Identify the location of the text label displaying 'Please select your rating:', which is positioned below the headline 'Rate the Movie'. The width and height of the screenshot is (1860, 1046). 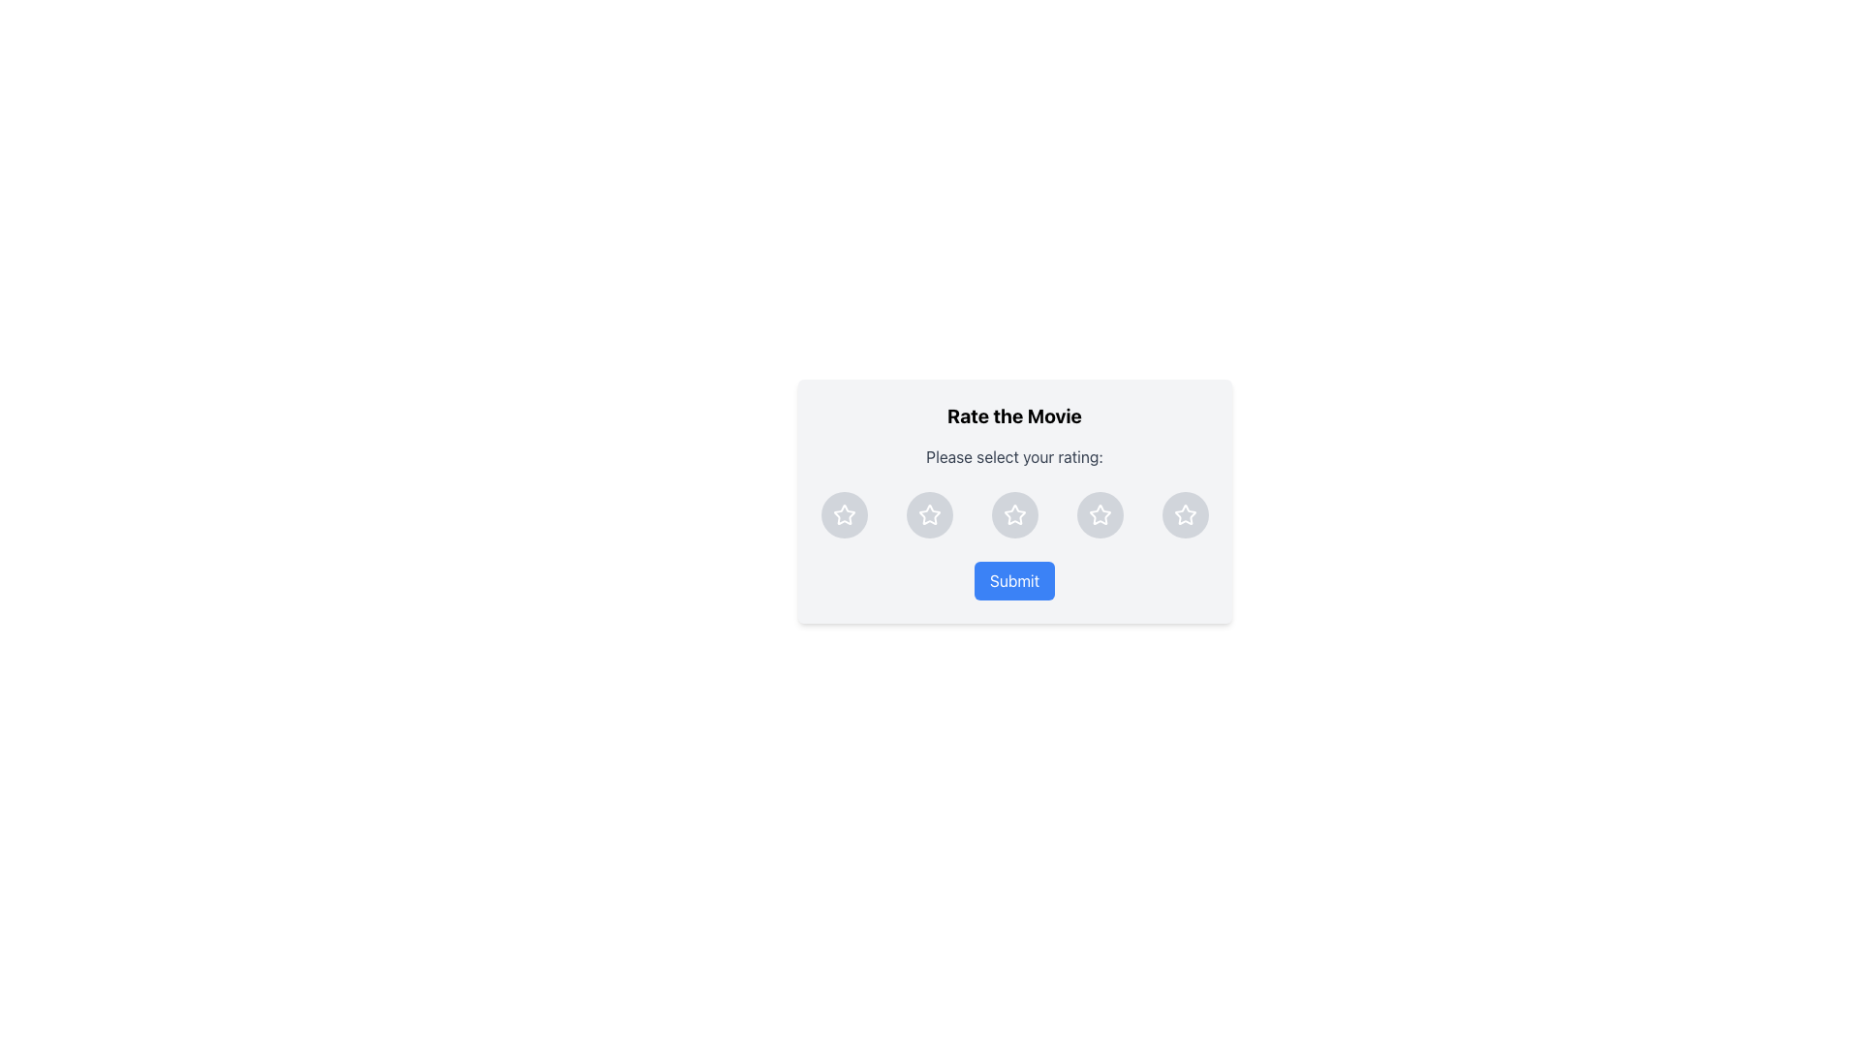
(1013, 456).